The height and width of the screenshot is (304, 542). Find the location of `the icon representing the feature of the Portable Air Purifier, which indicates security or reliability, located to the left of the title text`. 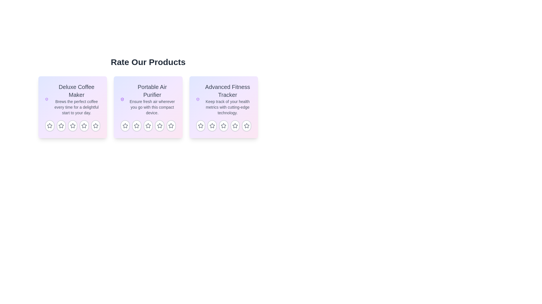

the icon representing the feature of the Portable Air Purifier, which indicates security or reliability, located to the left of the title text is located at coordinates (122, 99).